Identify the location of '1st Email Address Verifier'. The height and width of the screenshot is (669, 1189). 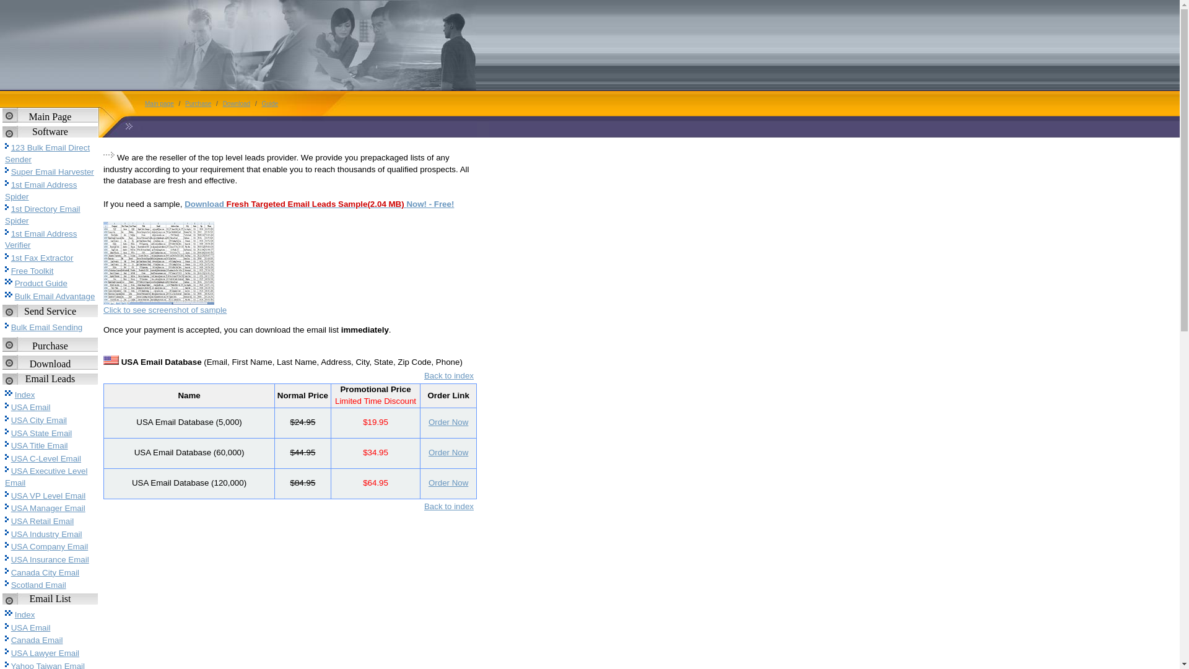
(41, 239).